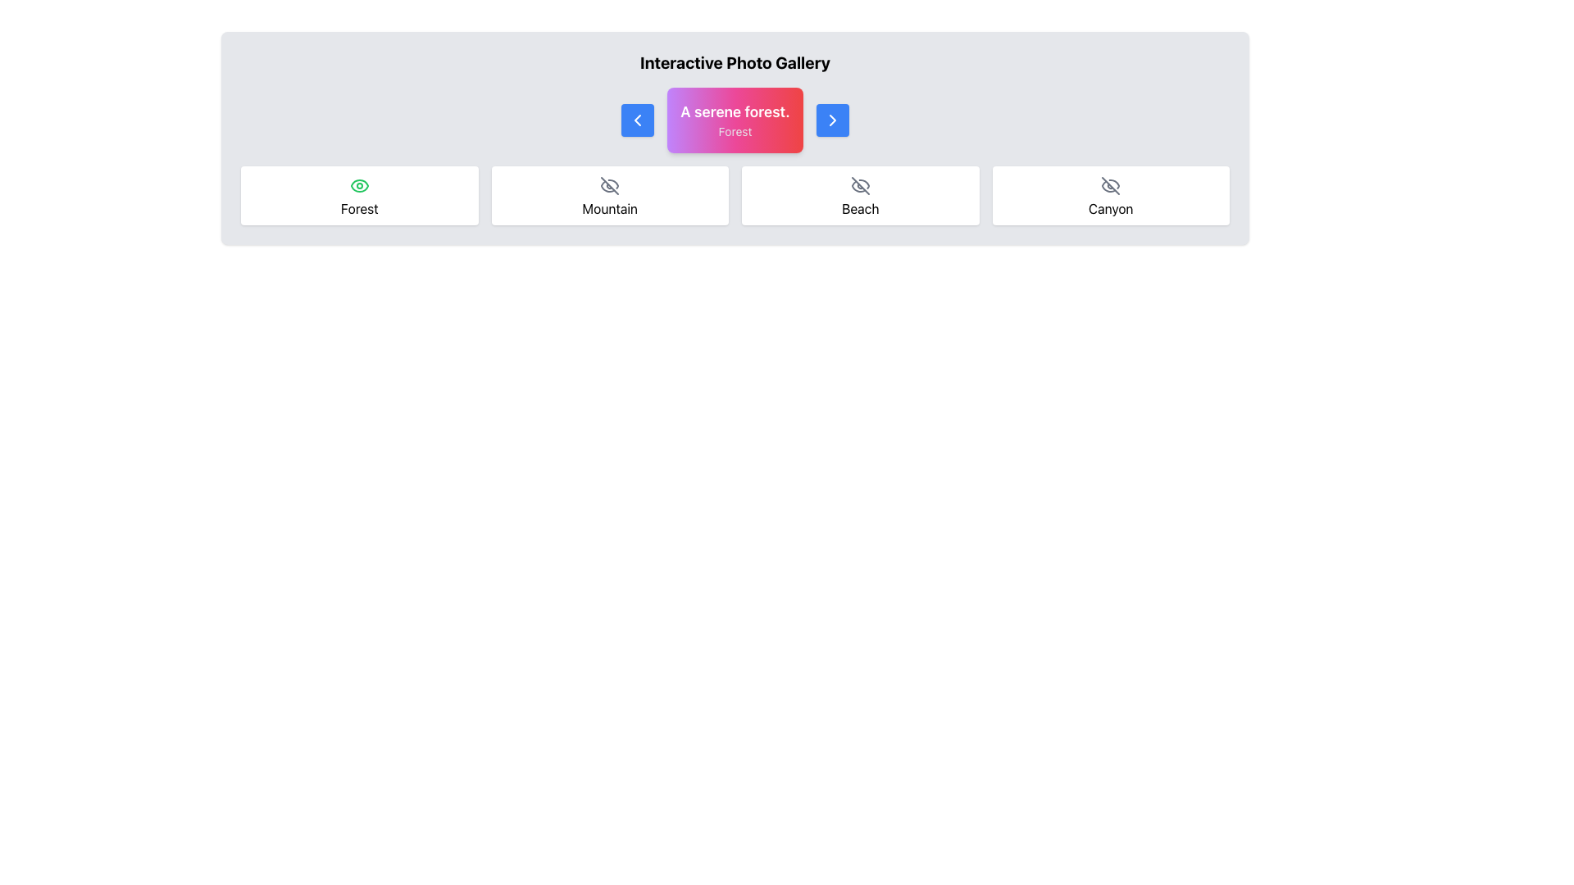 This screenshot has width=1574, height=885. Describe the element at coordinates (1111, 185) in the screenshot. I see `the 'eye-off' icon, which is represented by a diagonal line crossing an eye` at that location.